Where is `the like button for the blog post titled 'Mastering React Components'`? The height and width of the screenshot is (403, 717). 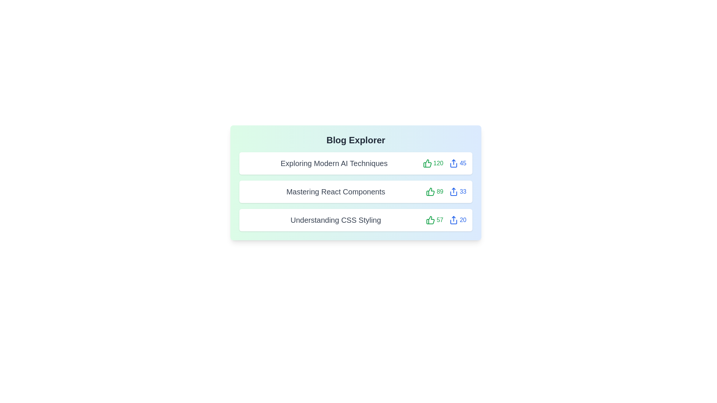
the like button for the blog post titled 'Mastering React Components' is located at coordinates (435, 191).